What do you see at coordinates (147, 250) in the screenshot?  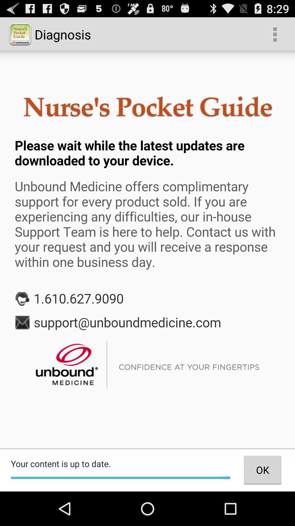 I see `share the article` at bounding box center [147, 250].